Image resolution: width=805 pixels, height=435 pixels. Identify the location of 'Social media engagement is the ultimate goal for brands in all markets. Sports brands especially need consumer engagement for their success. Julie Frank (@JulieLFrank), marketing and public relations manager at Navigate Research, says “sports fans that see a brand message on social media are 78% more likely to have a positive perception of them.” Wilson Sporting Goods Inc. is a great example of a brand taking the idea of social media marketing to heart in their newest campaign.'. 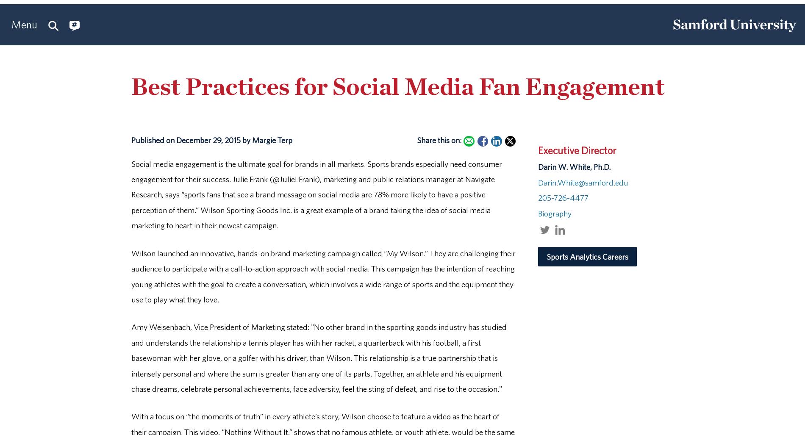
(131, 194).